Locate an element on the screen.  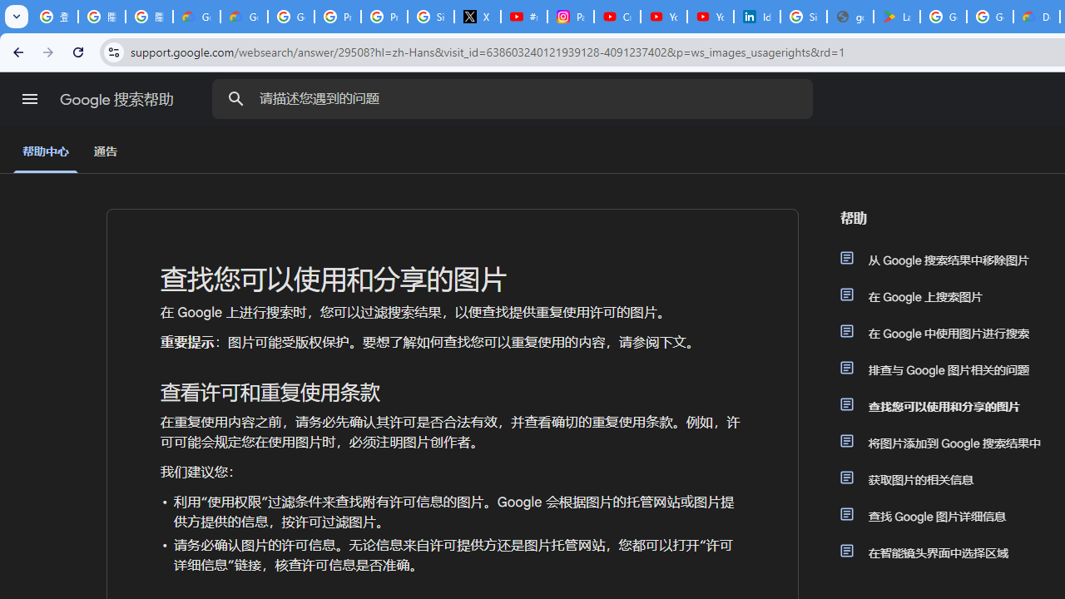
'Google Workspace - Specific Terms' is located at coordinates (990, 17).